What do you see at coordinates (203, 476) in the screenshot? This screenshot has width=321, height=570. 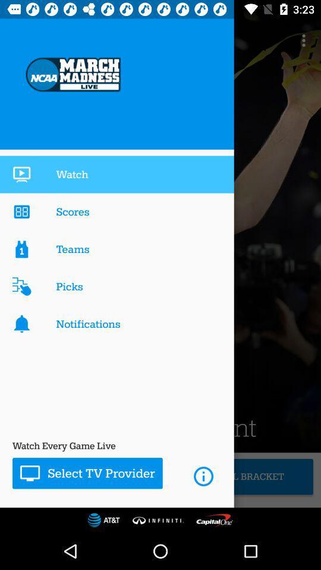 I see `the i icon which is there beside select tv provider` at bounding box center [203, 476].